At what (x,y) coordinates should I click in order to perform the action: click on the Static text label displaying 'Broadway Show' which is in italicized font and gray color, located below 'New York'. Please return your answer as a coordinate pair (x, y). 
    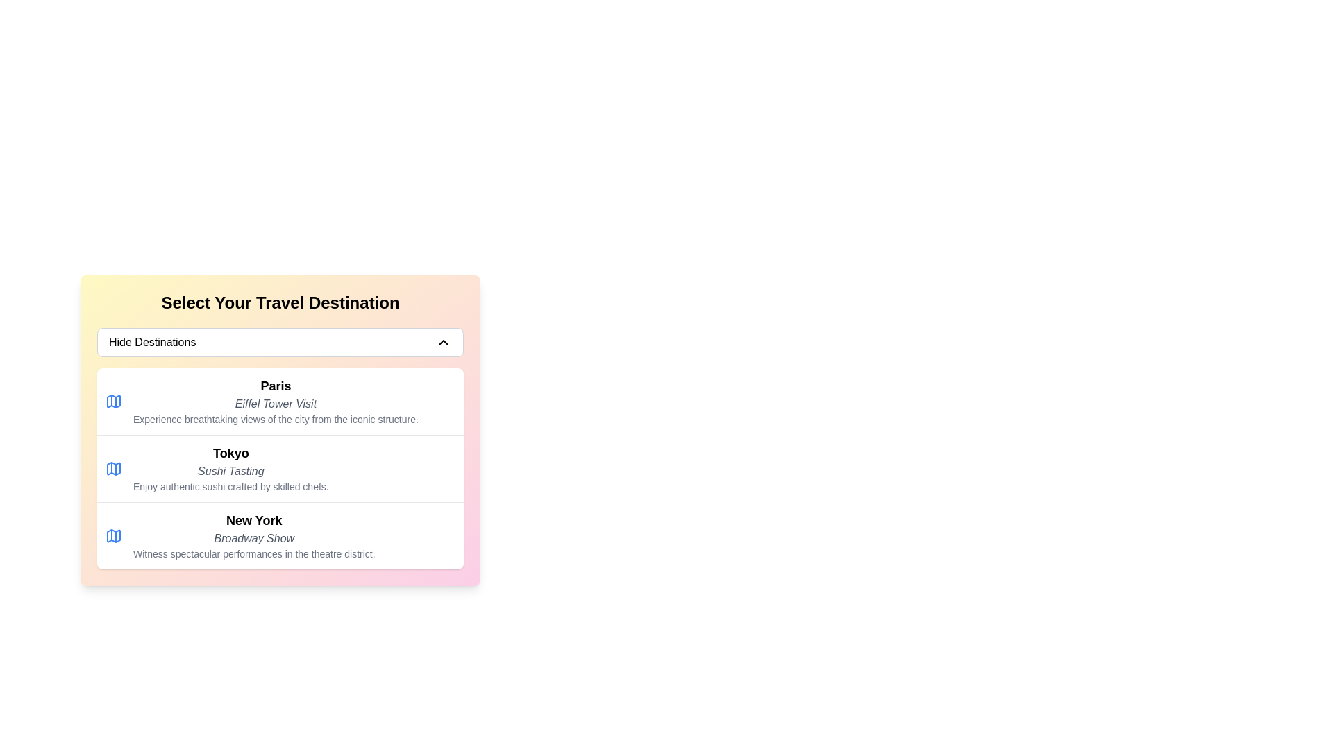
    Looking at the image, I should click on (254, 537).